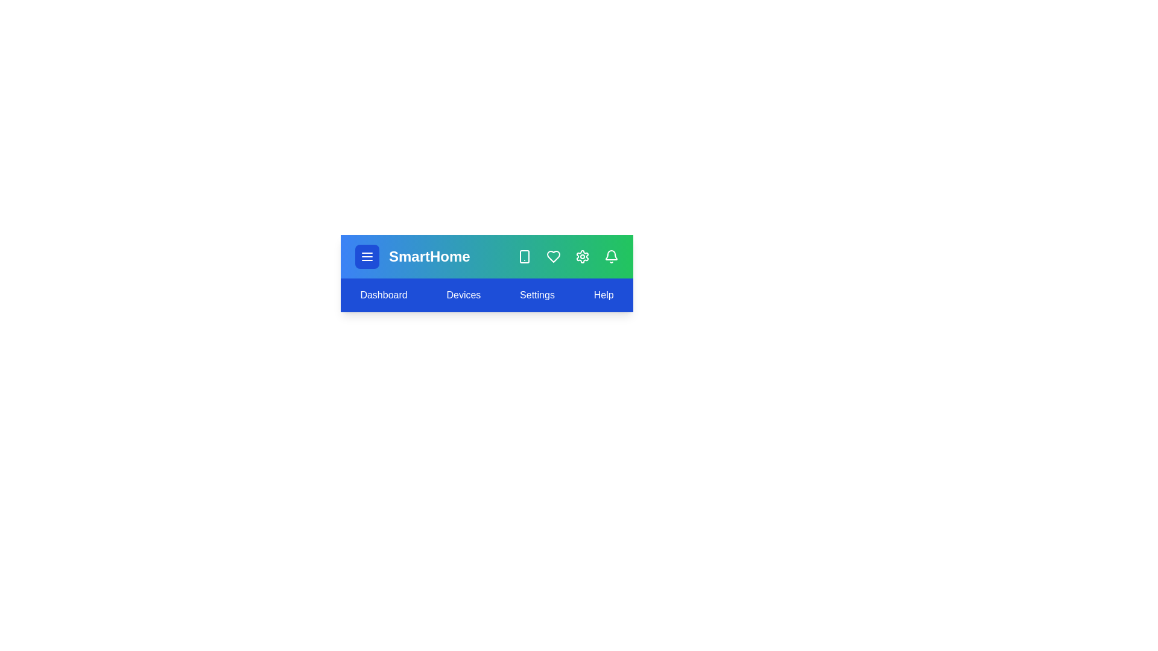 The width and height of the screenshot is (1158, 651). I want to click on the 'Dashboard' menu item, so click(383, 295).